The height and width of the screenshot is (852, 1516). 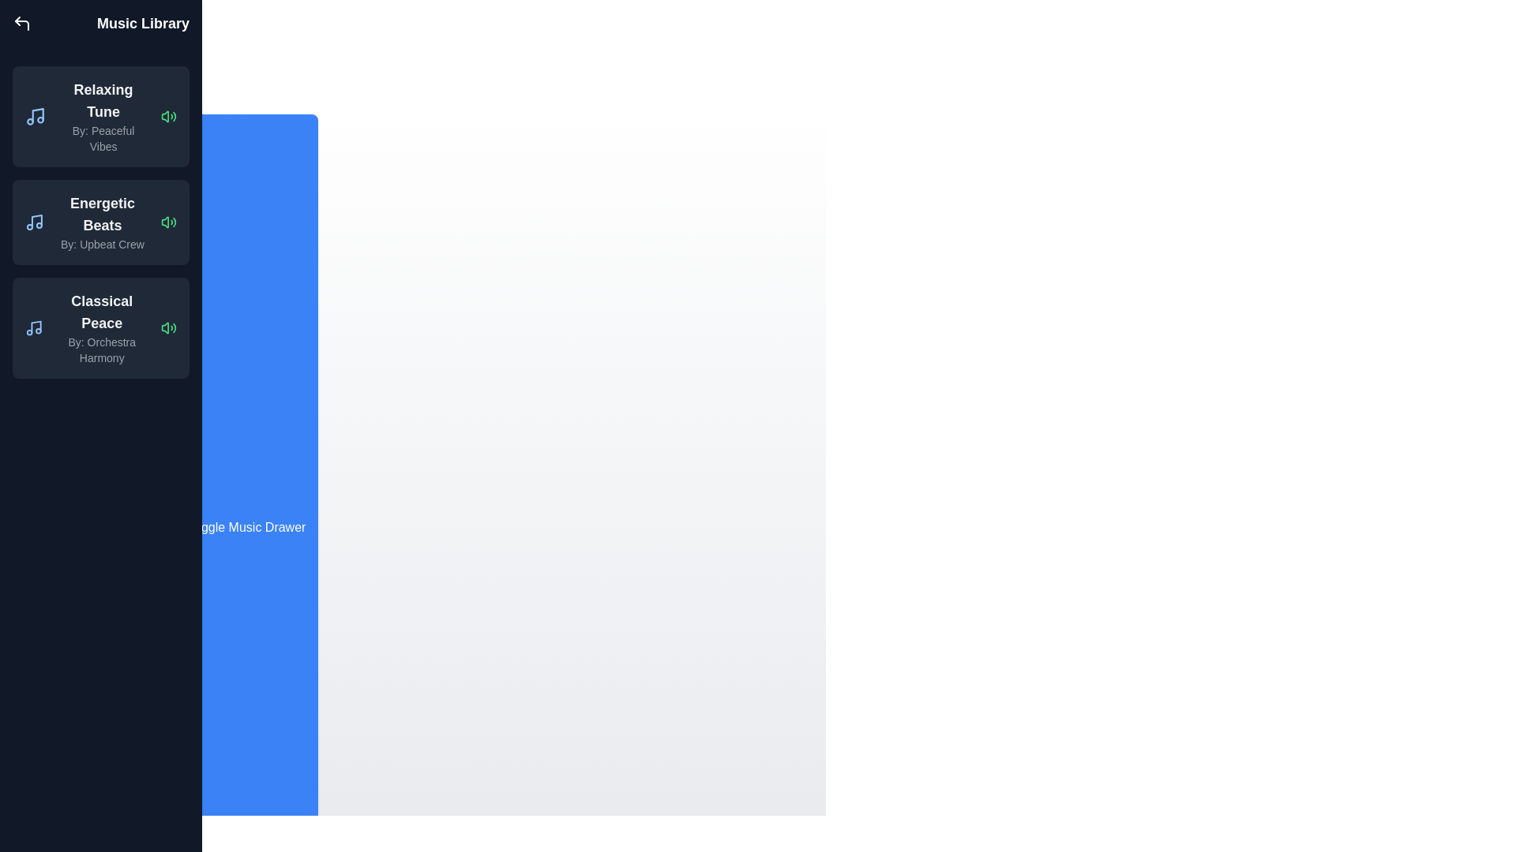 I want to click on the 'Toggle Music Drawer' button to toggle the visibility of the music drawer, so click(x=246, y=527).